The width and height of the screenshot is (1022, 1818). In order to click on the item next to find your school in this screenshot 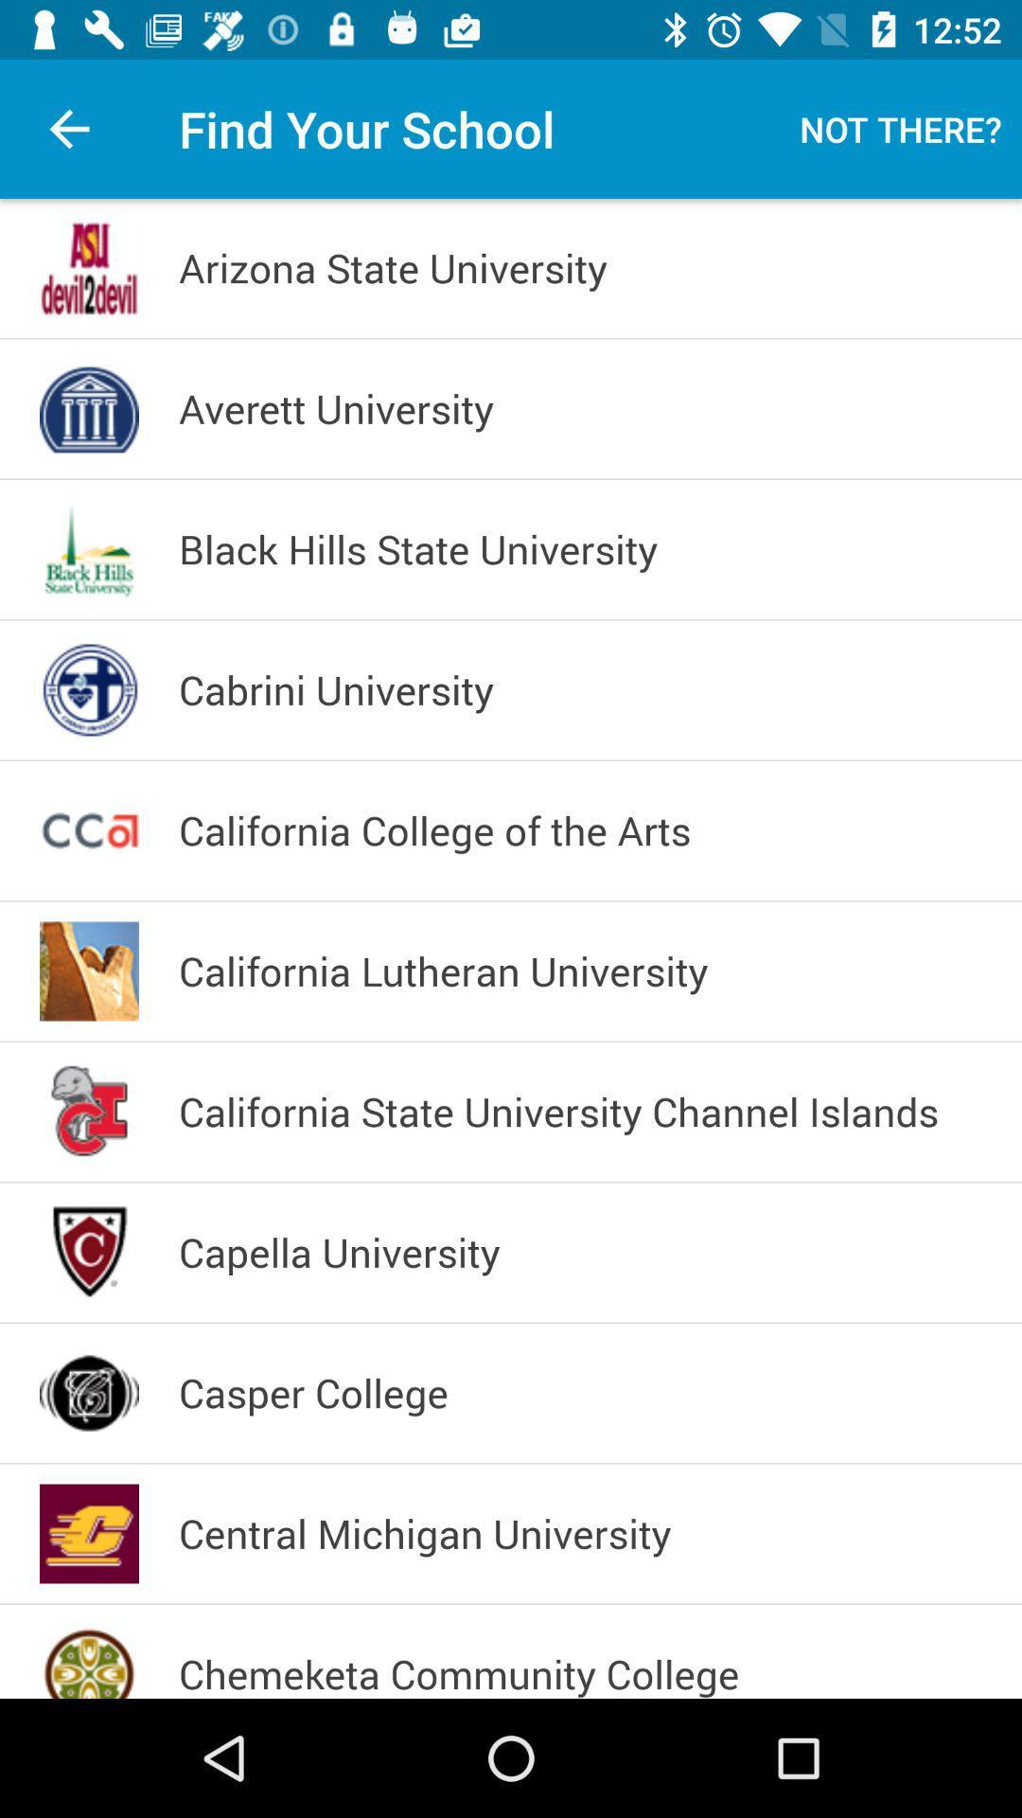, I will do `click(68, 128)`.